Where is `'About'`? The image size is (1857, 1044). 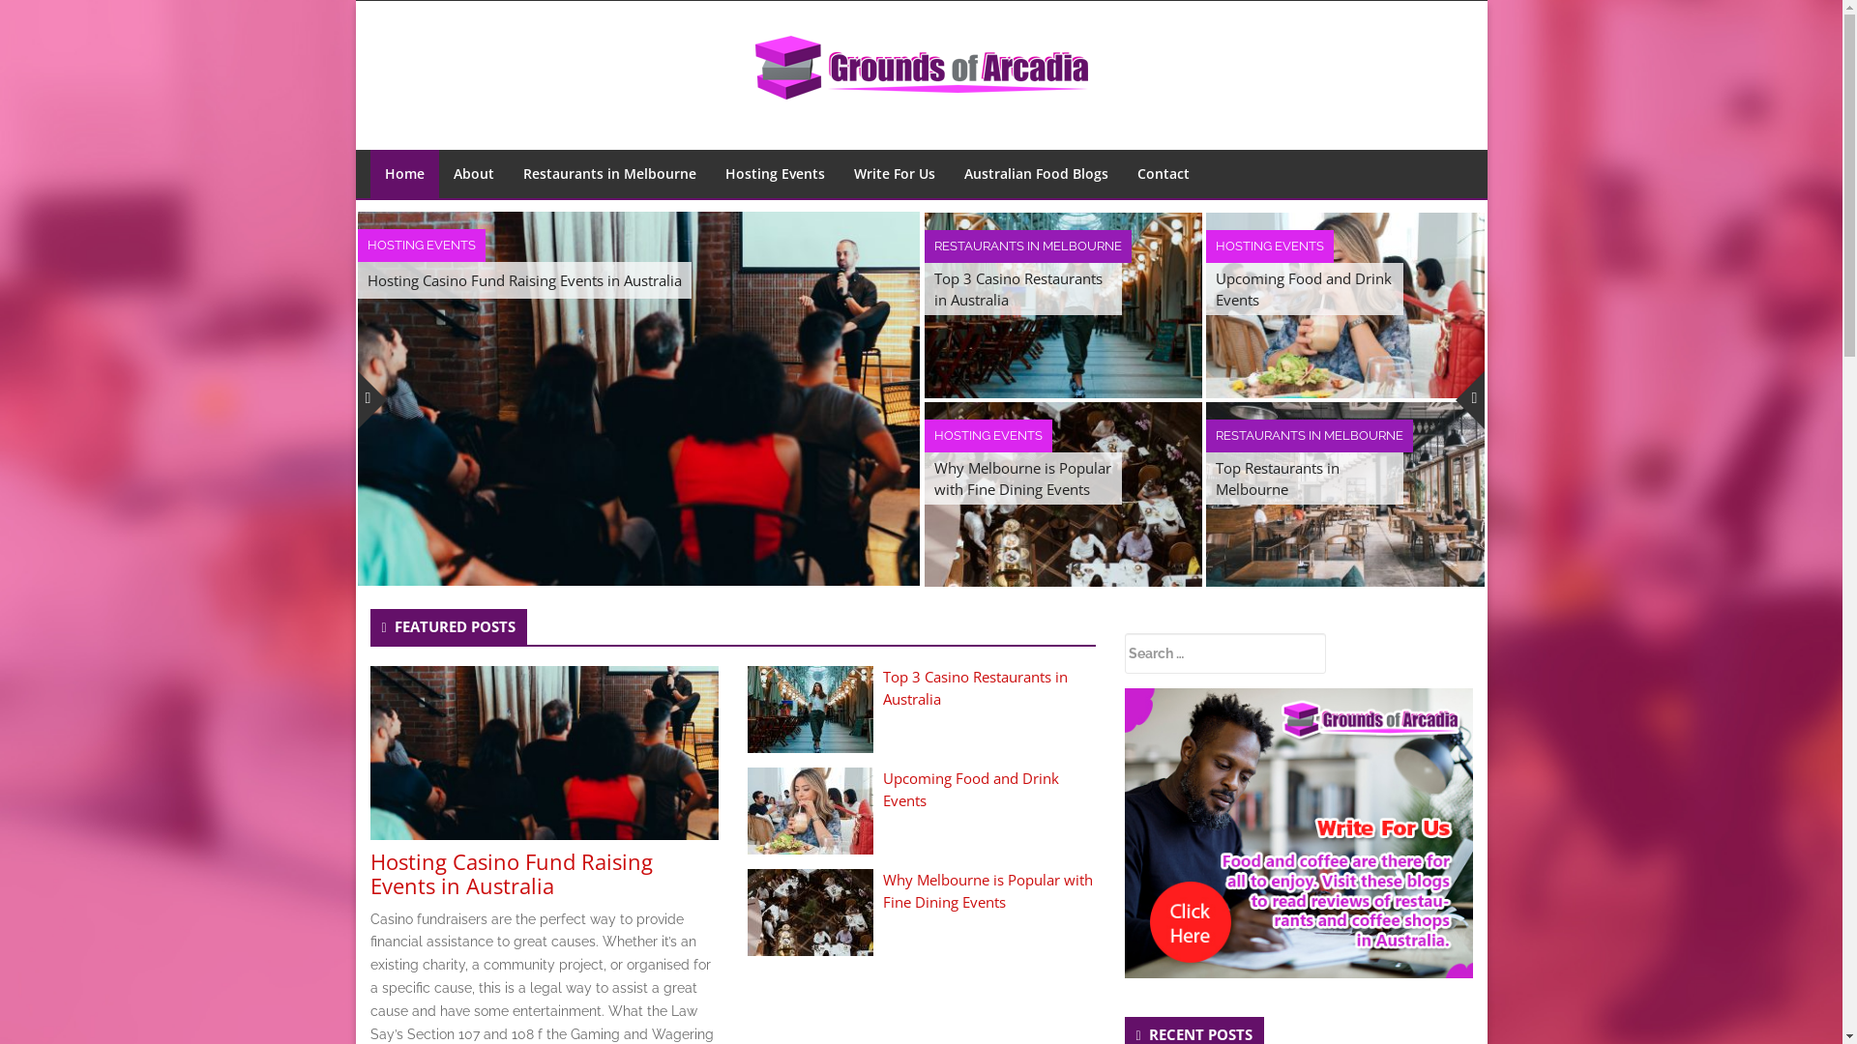 'About' is located at coordinates (473, 174).